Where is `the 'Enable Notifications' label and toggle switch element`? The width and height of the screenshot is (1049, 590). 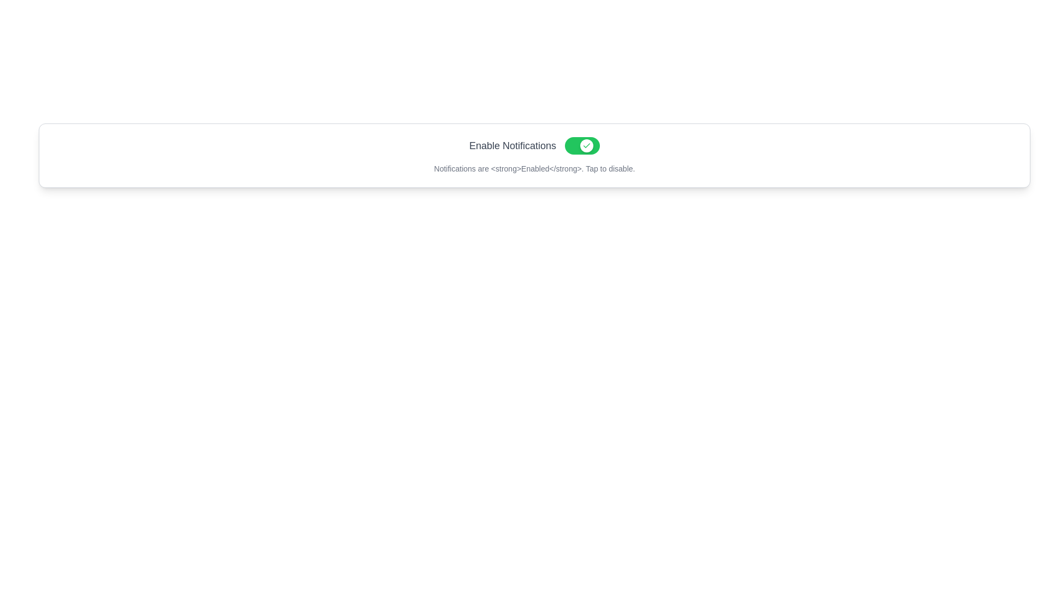 the 'Enable Notifications' label and toggle switch element is located at coordinates (534, 145).